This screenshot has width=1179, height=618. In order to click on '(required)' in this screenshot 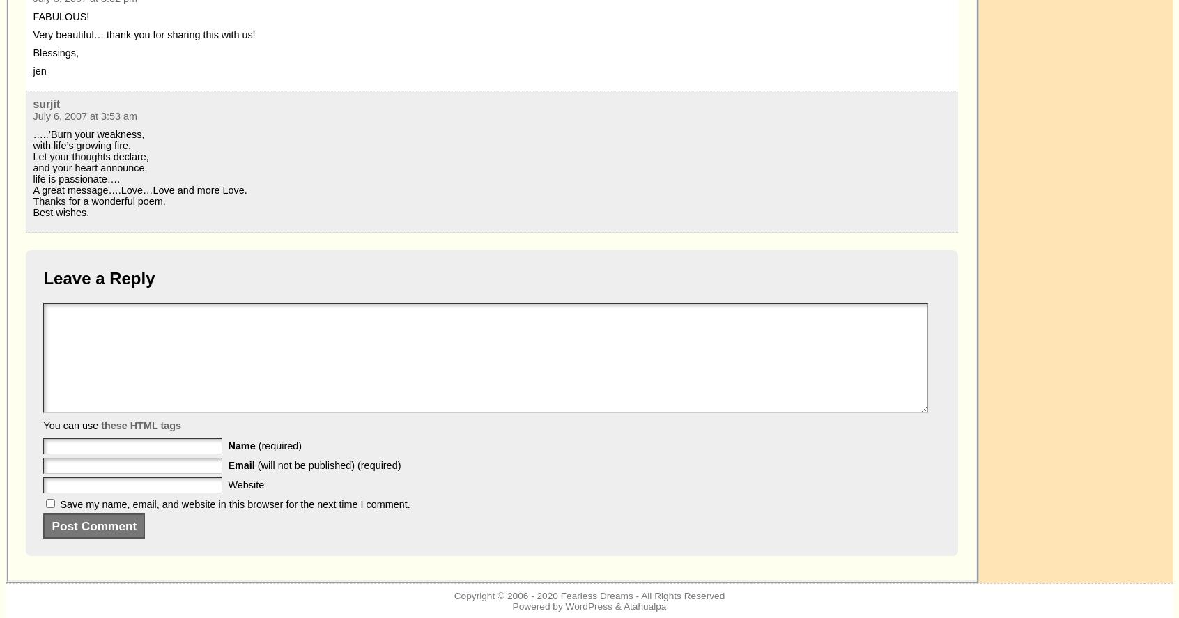, I will do `click(279, 445)`.